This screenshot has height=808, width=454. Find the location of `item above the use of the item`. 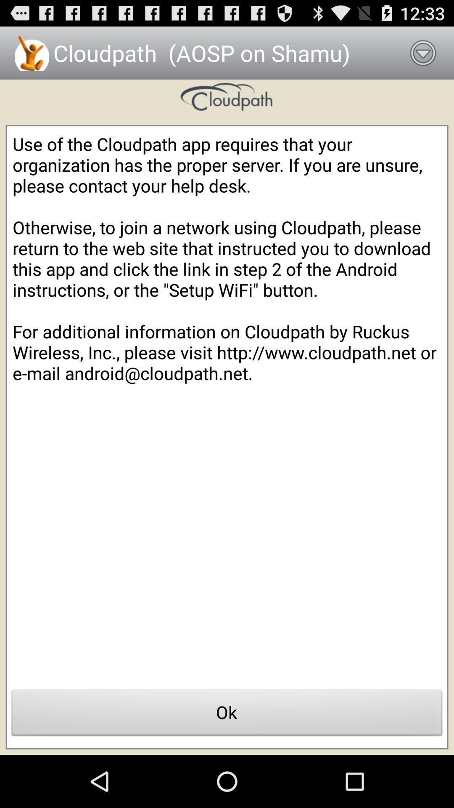

item above the use of the item is located at coordinates (423, 52).